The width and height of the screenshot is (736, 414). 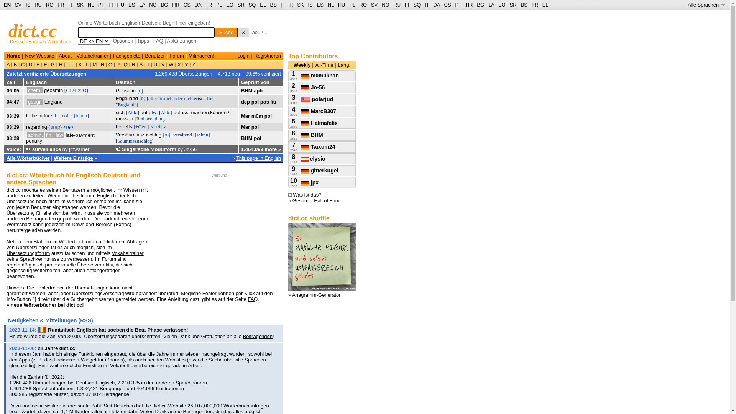 What do you see at coordinates (513, 5) in the screenshot?
I see `'SR'` at bounding box center [513, 5].